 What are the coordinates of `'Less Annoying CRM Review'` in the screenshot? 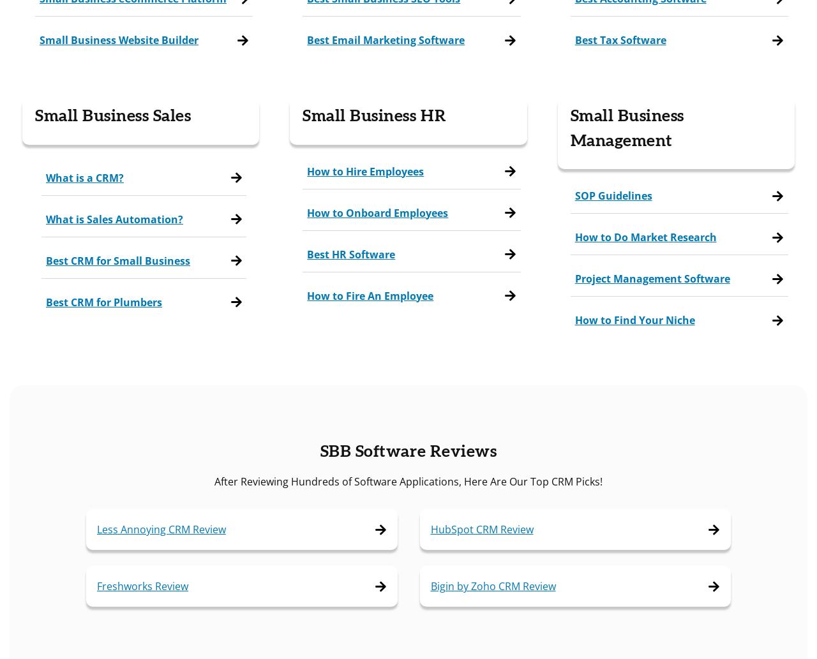 It's located at (96, 529).